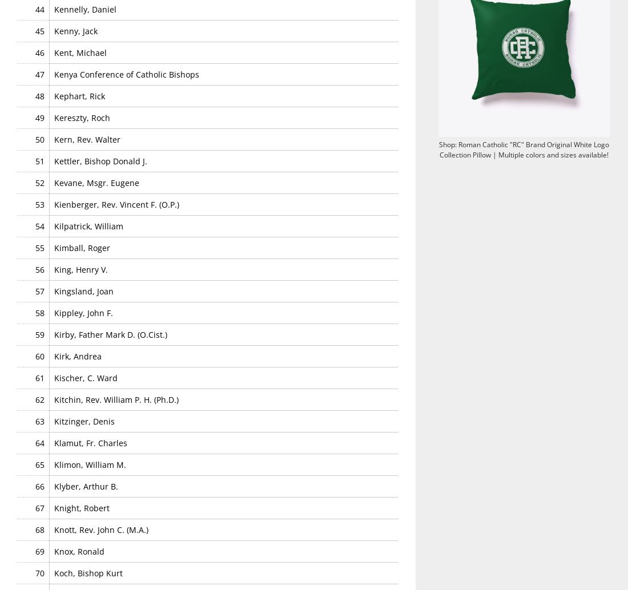  What do you see at coordinates (39, 74) in the screenshot?
I see `'47'` at bounding box center [39, 74].